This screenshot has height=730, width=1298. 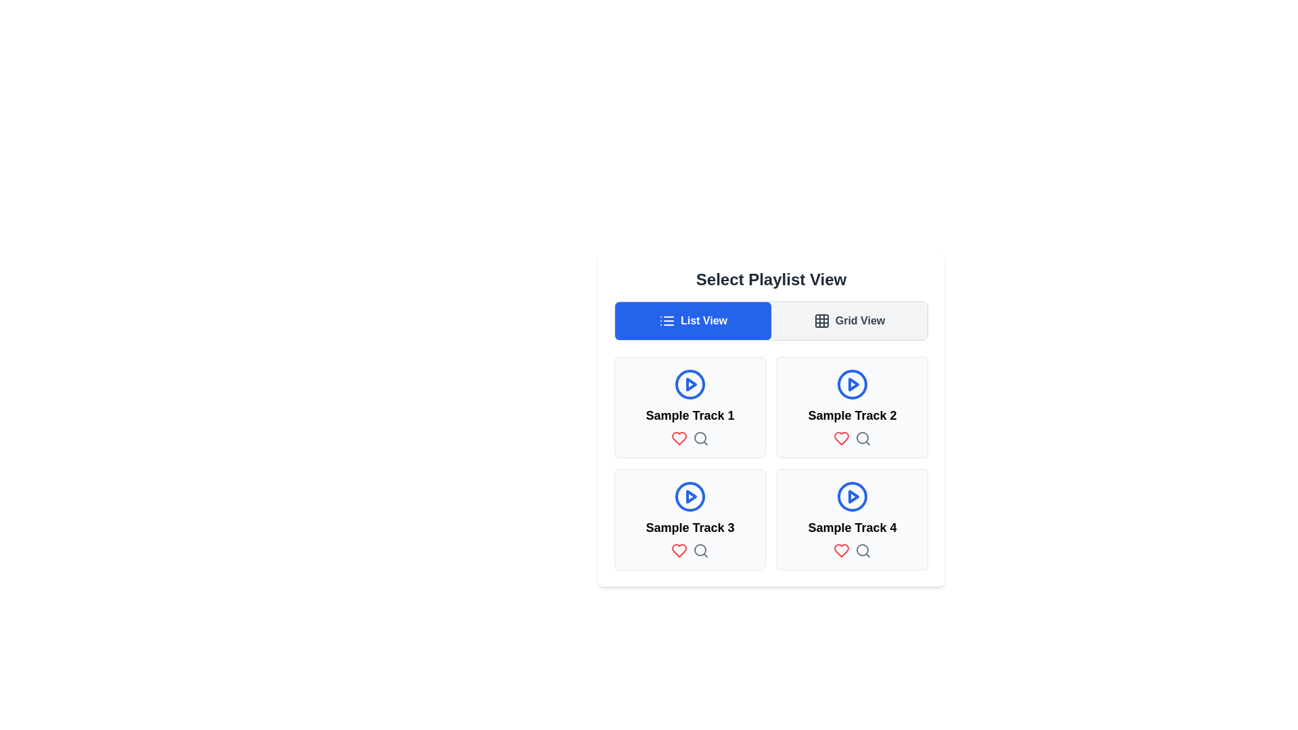 I want to click on the 'favorite' icon located, so click(x=679, y=550).